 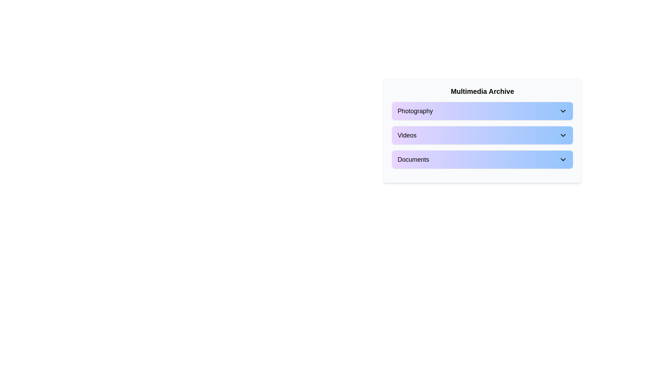 What do you see at coordinates (482, 135) in the screenshot?
I see `the 'Videos' button with an embedded dropdown functionality, which is the second button in the vertical list, to trigger its visual effect` at bounding box center [482, 135].